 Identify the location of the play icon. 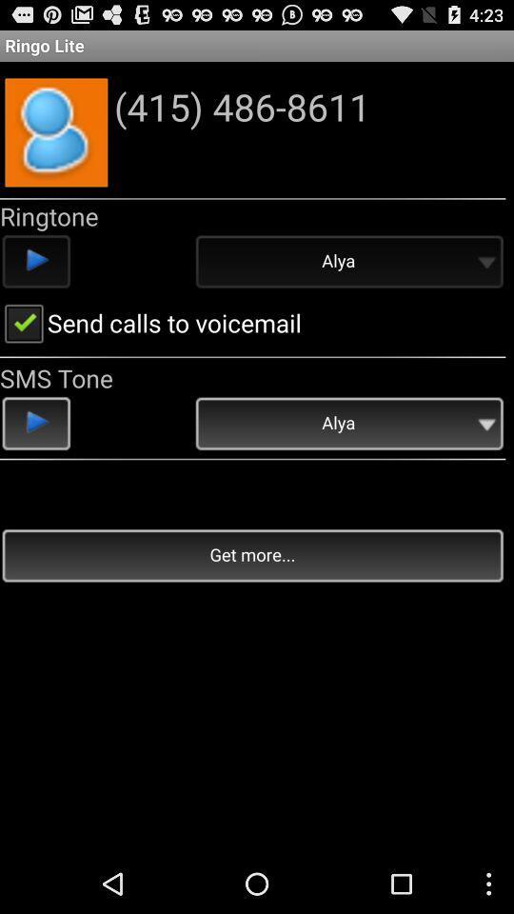
(36, 280).